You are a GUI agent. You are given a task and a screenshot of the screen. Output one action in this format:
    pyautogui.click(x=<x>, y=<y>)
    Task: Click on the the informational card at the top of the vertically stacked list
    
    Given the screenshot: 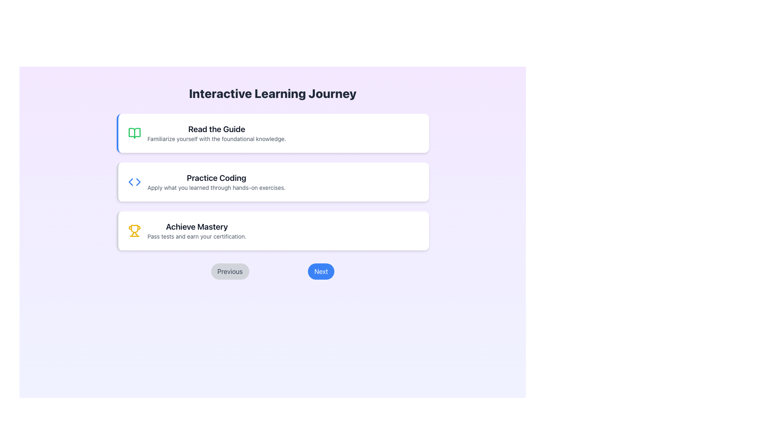 What is the action you would take?
    pyautogui.click(x=273, y=133)
    